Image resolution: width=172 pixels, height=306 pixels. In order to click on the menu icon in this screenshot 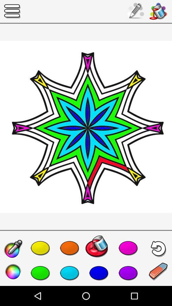, I will do `click(12, 11)`.